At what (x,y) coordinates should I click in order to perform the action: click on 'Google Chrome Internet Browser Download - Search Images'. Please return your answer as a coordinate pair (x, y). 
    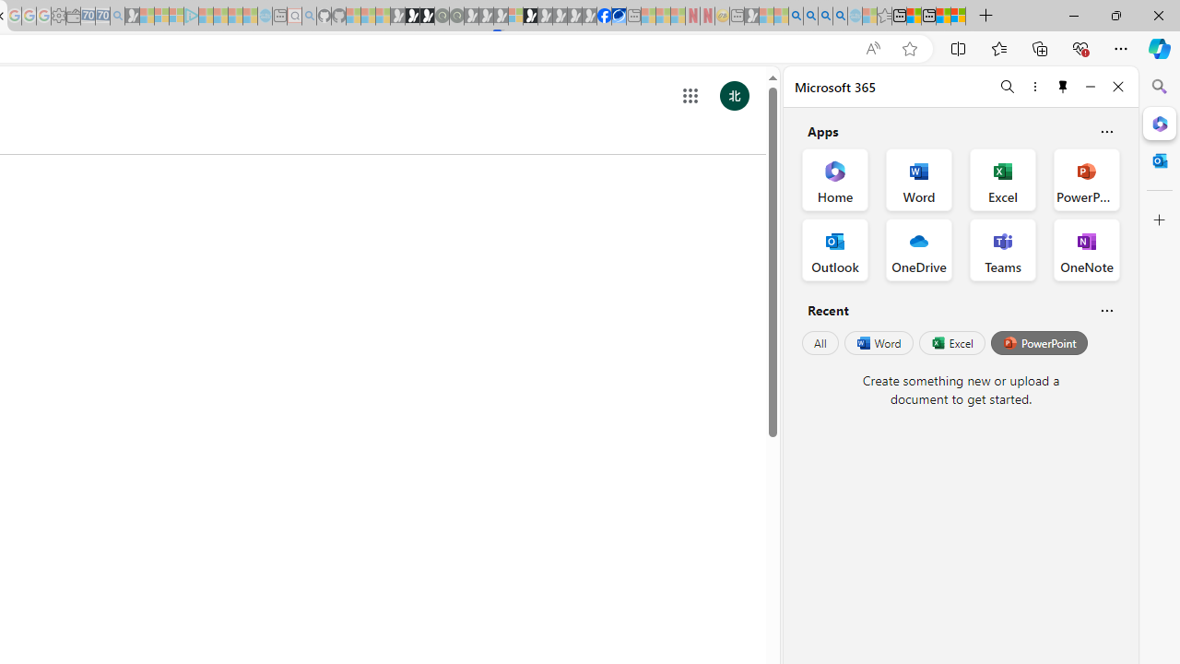
    Looking at the image, I should click on (839, 16).